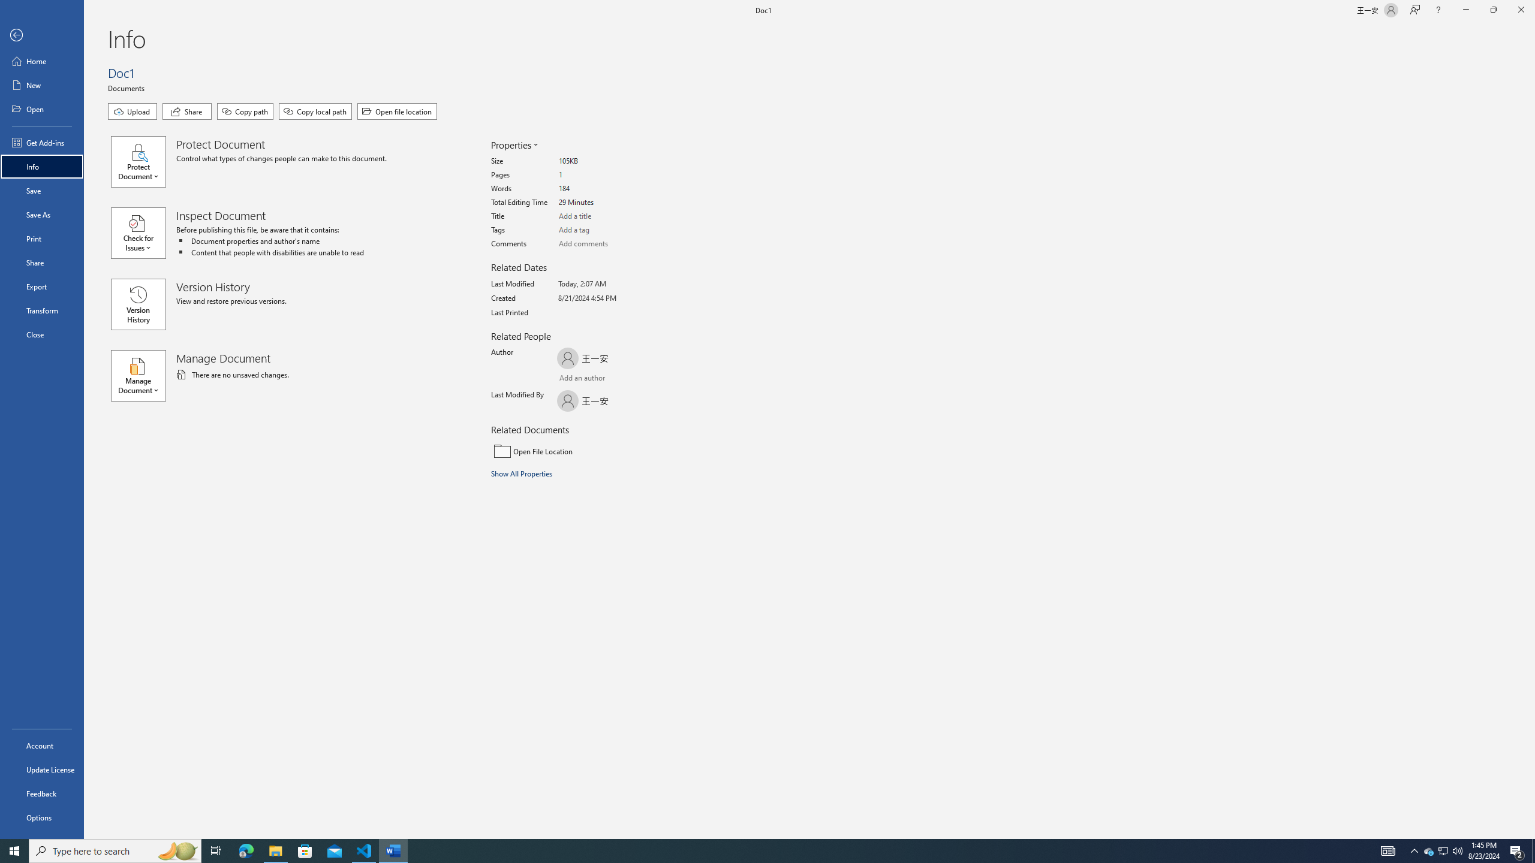 The width and height of the screenshot is (1535, 863). Describe the element at coordinates (589, 379) in the screenshot. I see `'Verify Names'` at that location.